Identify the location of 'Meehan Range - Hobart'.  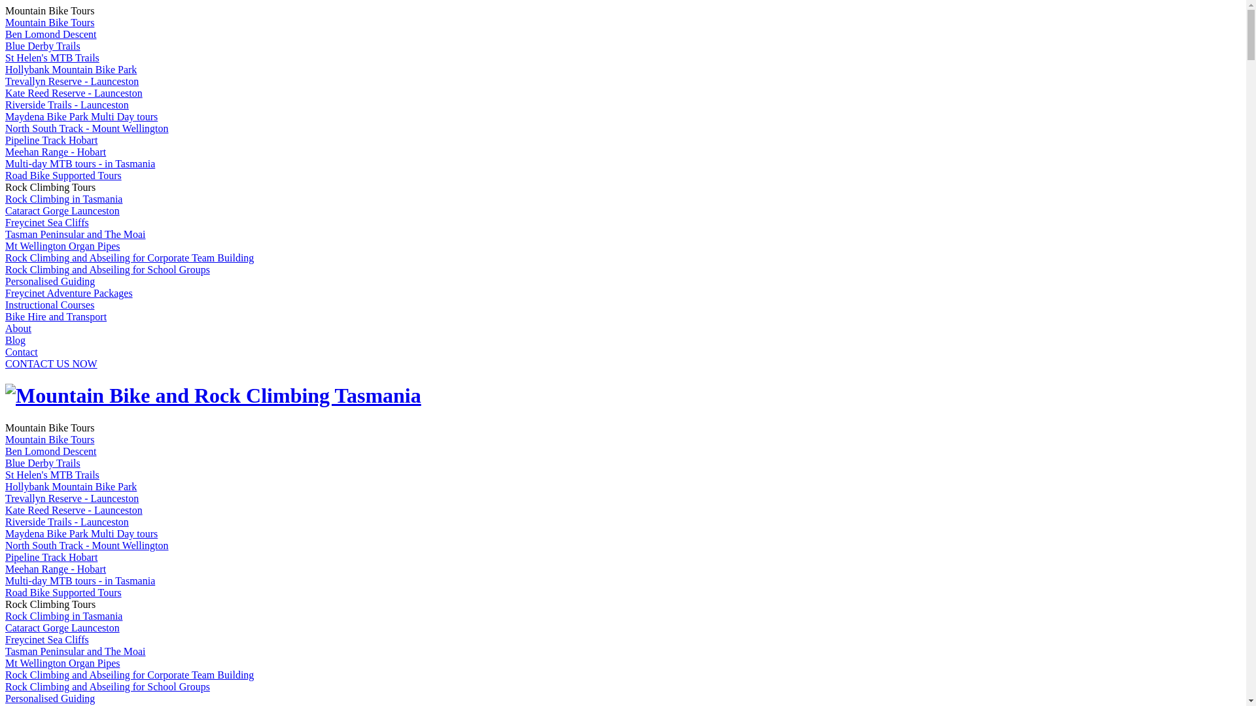
(55, 568).